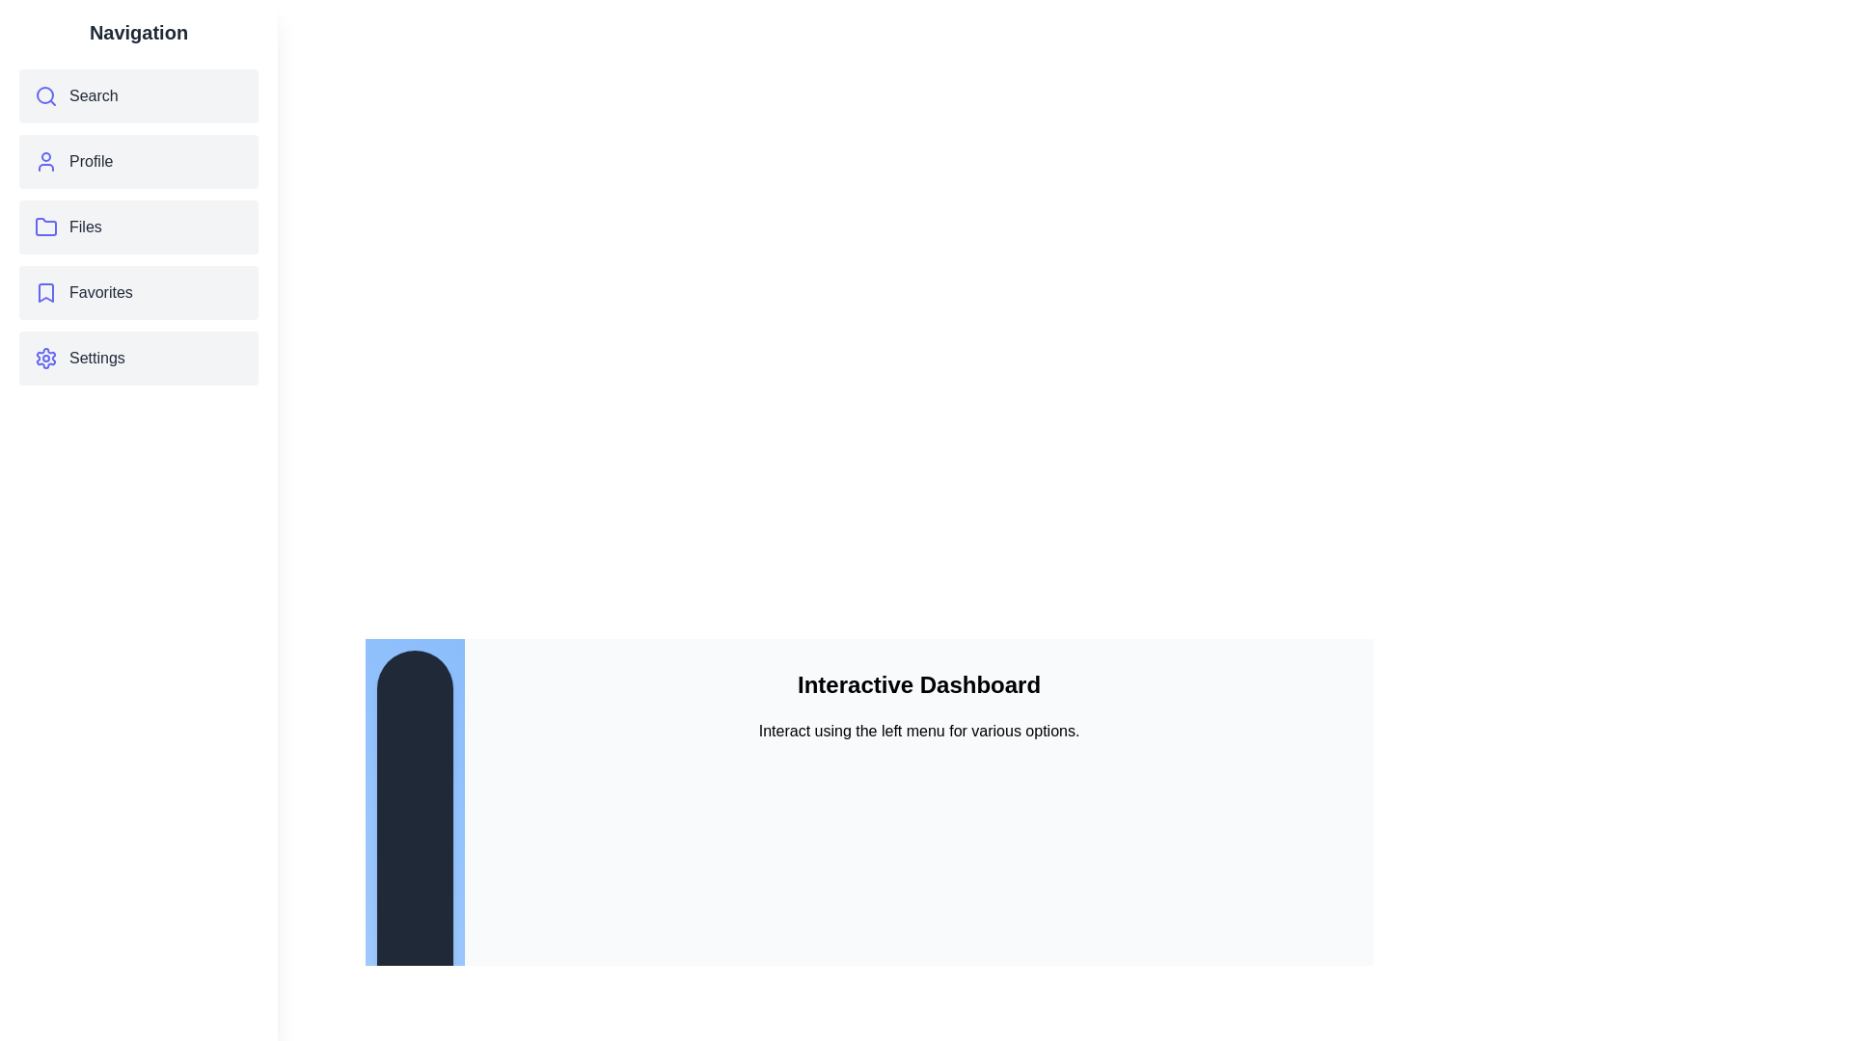 The image size is (1852, 1041). I want to click on the icon corresponding to Files in the sidebar, so click(46, 226).